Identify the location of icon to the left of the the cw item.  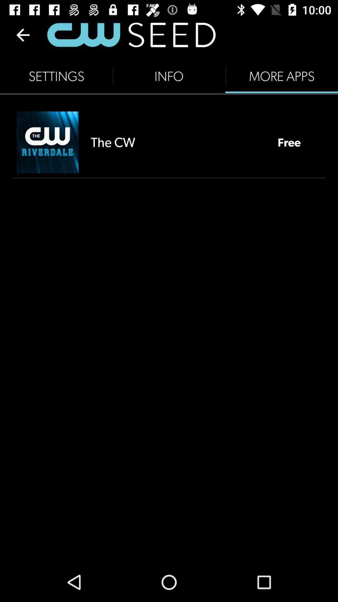
(47, 142).